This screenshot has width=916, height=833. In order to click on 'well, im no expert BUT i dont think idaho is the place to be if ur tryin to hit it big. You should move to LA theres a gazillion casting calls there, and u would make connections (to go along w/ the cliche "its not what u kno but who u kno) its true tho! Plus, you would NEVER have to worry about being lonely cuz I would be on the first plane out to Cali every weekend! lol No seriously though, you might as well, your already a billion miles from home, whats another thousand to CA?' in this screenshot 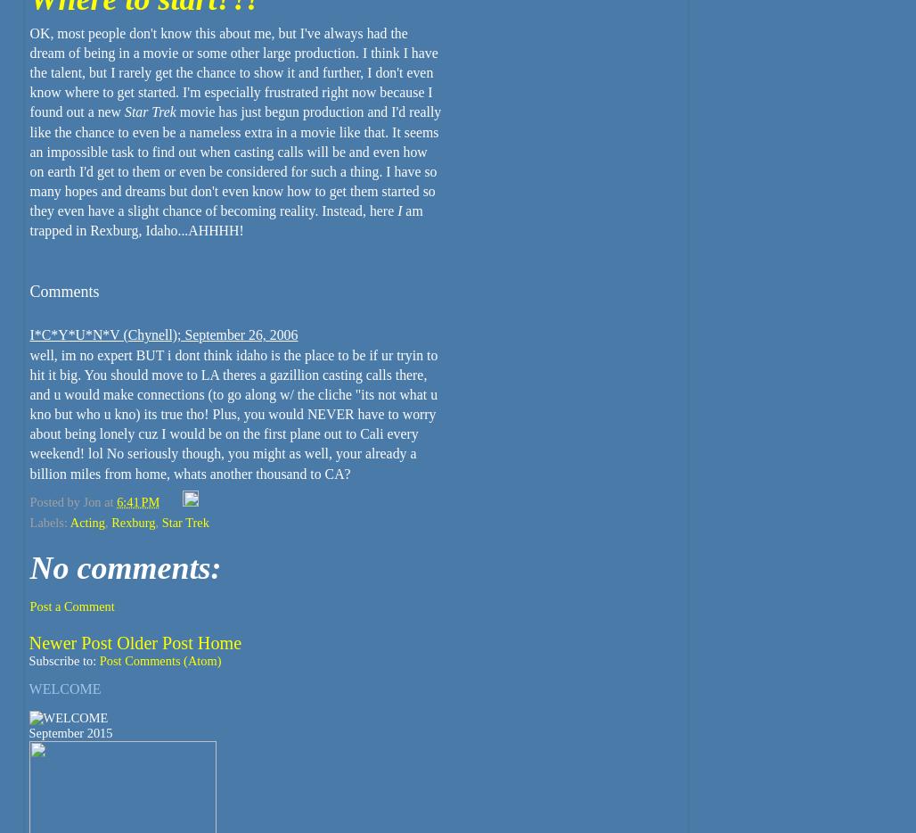, I will do `click(233, 414)`.